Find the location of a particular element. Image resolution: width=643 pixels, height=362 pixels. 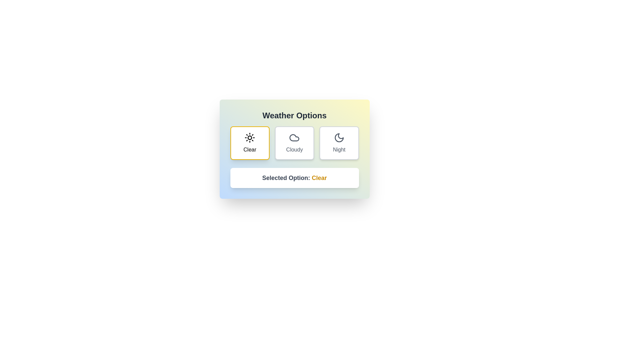

the Text Label Component displaying the current selection text 'Clear', which is part of the phrase 'Selected Option: Clear' in a white rectangular box is located at coordinates (319, 178).